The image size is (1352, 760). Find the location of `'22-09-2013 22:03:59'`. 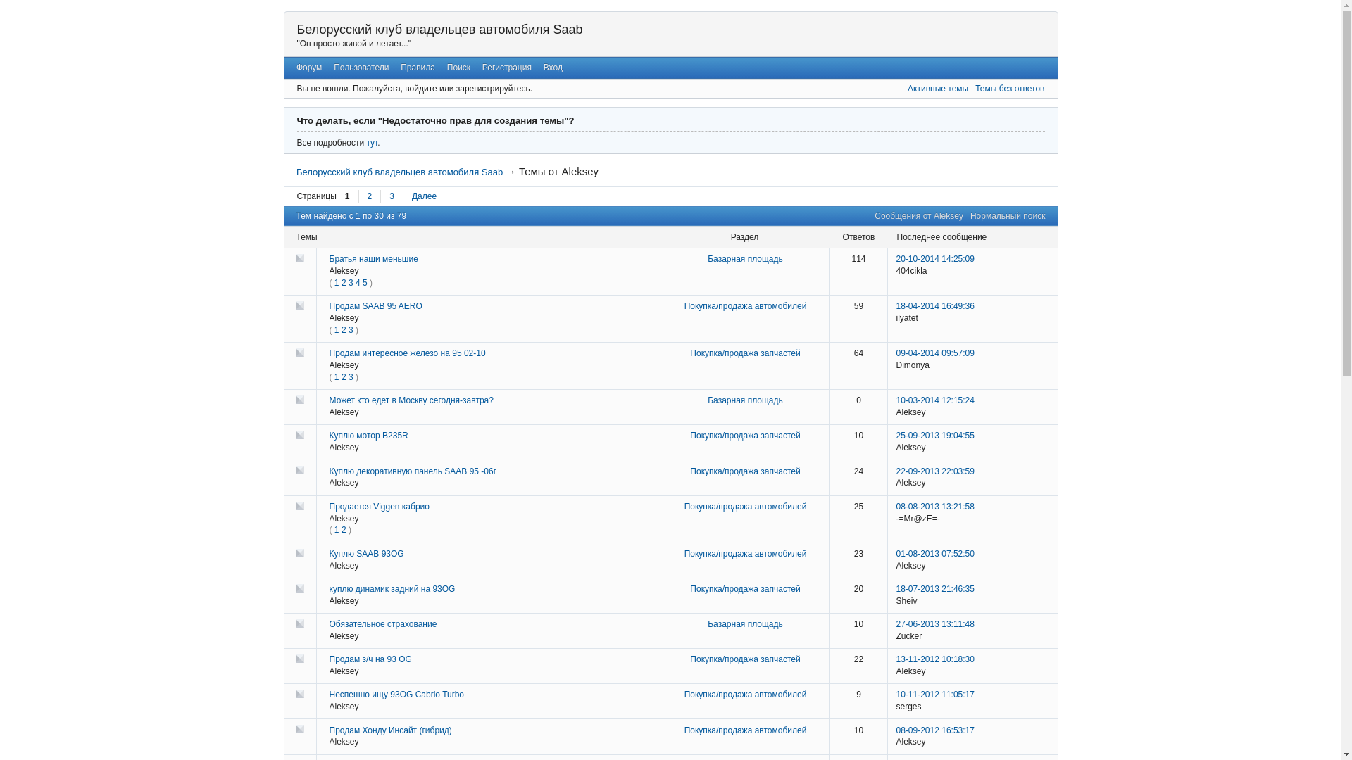

'22-09-2013 22:03:59' is located at coordinates (934, 471).